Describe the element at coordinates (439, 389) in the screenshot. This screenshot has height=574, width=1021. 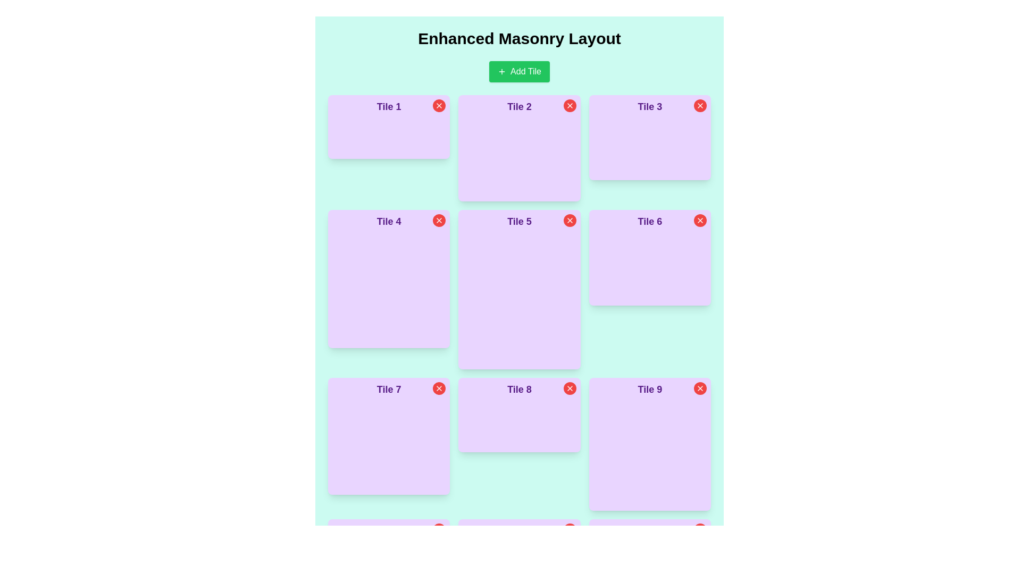
I see `the close button located in the top-right corner of the 'Tile 7' box` at that location.